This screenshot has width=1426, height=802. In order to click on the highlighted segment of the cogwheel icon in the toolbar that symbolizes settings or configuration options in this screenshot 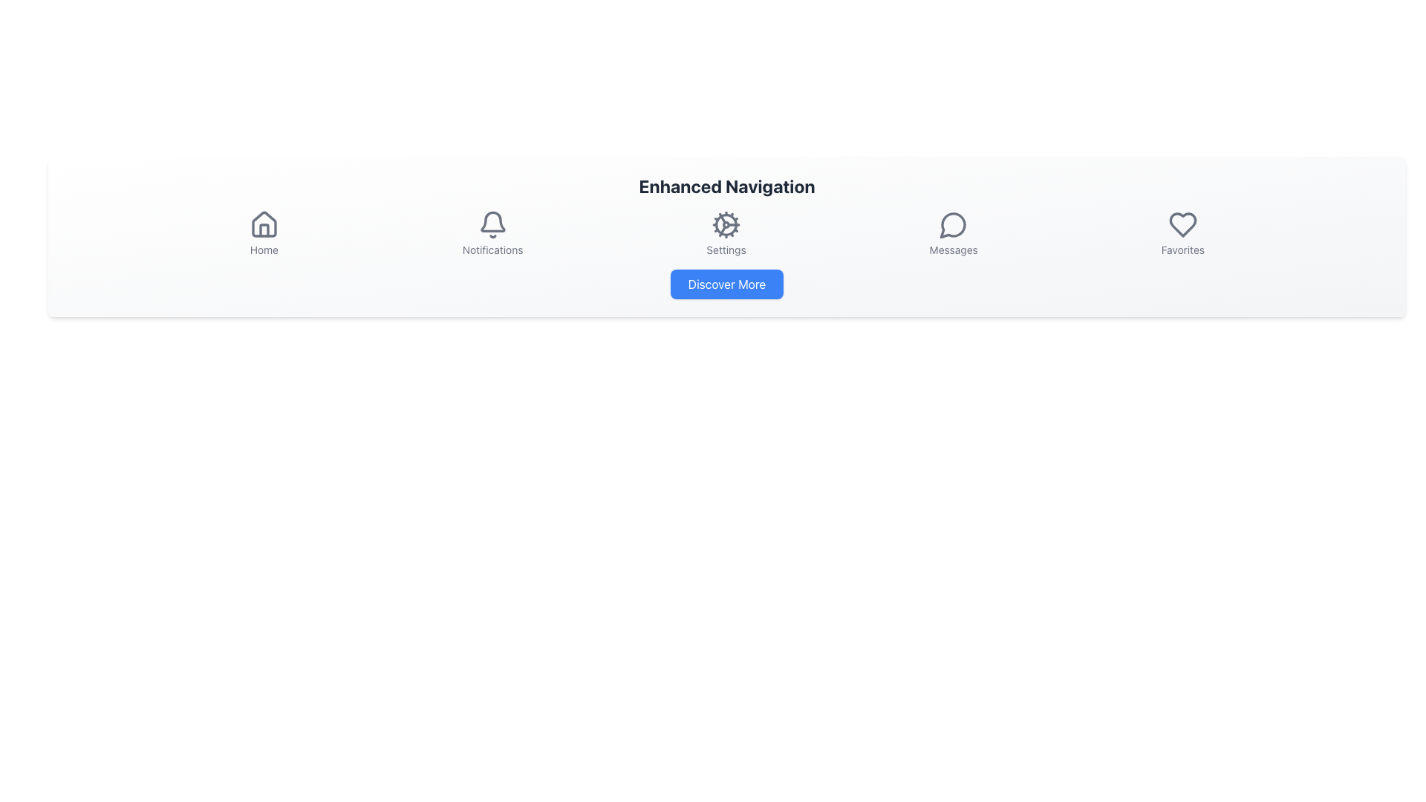, I will do `click(723, 231)`.